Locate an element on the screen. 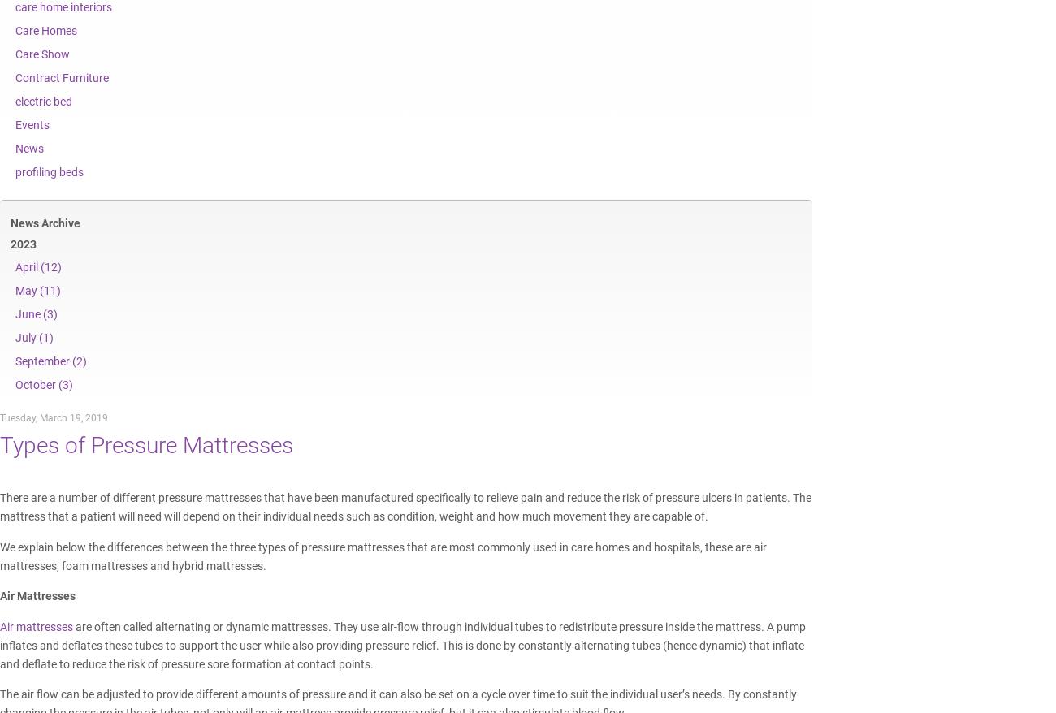 This screenshot has width=1056, height=713. 'profiling beds' is located at coordinates (49, 171).